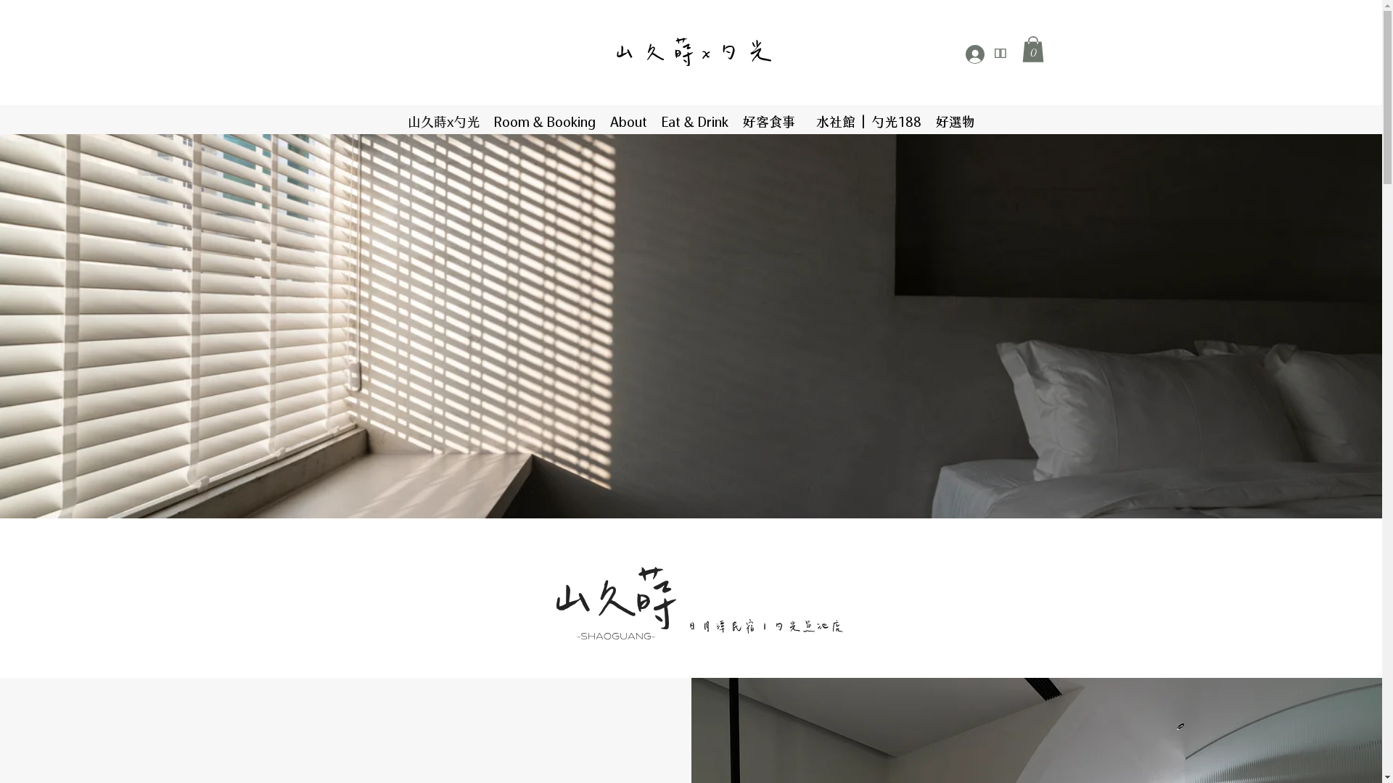 The height and width of the screenshot is (783, 1393). Describe the element at coordinates (486, 119) in the screenshot. I see `'Room & Booking'` at that location.